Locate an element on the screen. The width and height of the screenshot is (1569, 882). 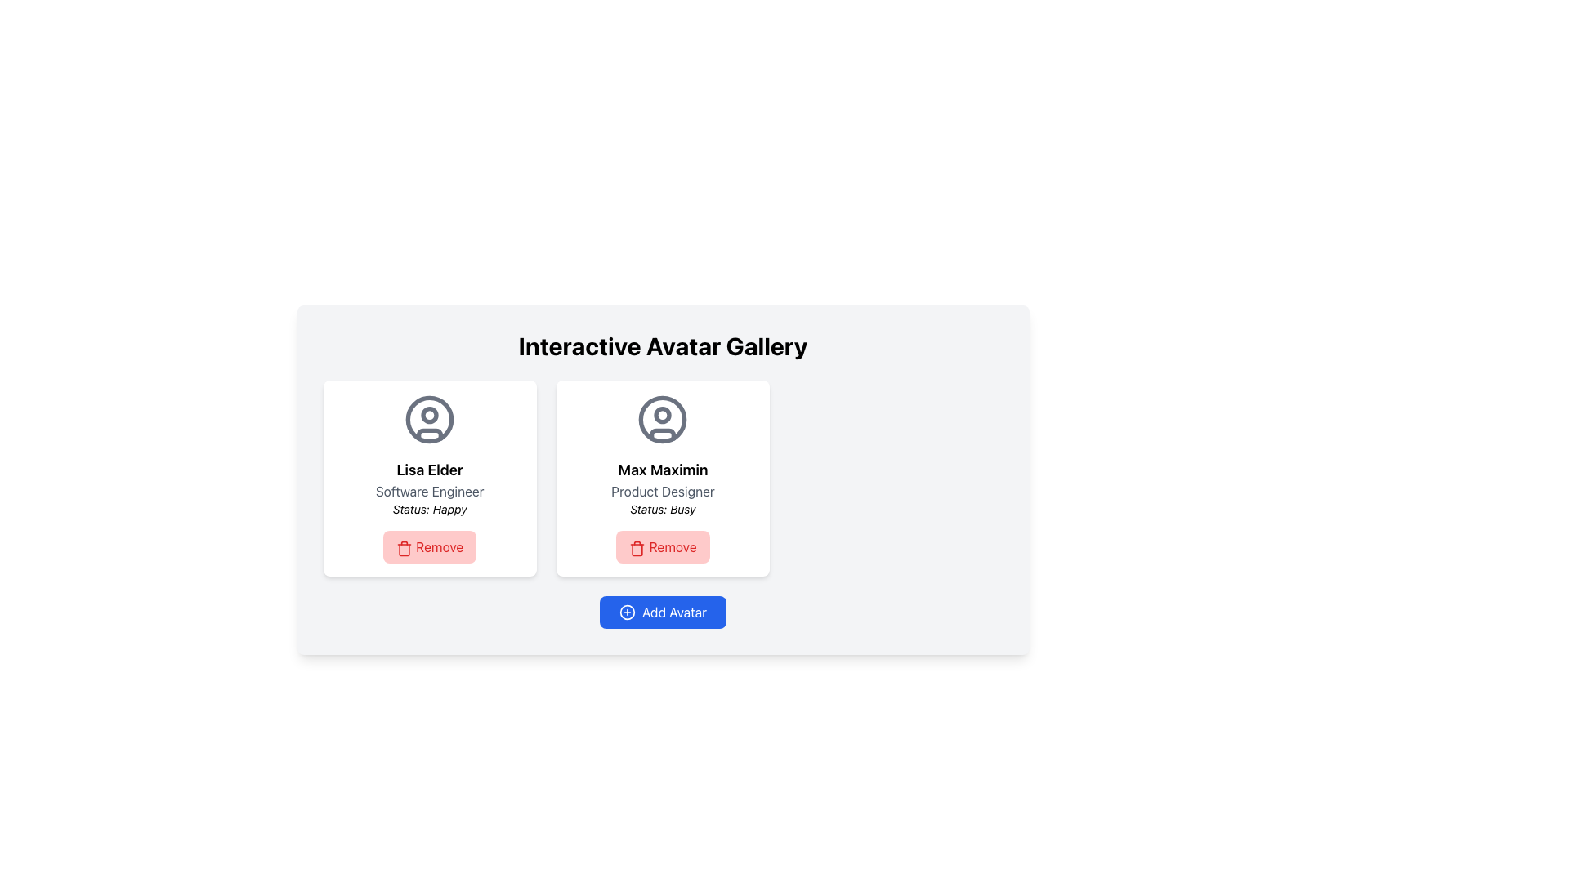
the Text Label that provides the current status of the individual in the profile, located below 'Lisa Elder' and 'Software Engineer' is located at coordinates (430, 509).